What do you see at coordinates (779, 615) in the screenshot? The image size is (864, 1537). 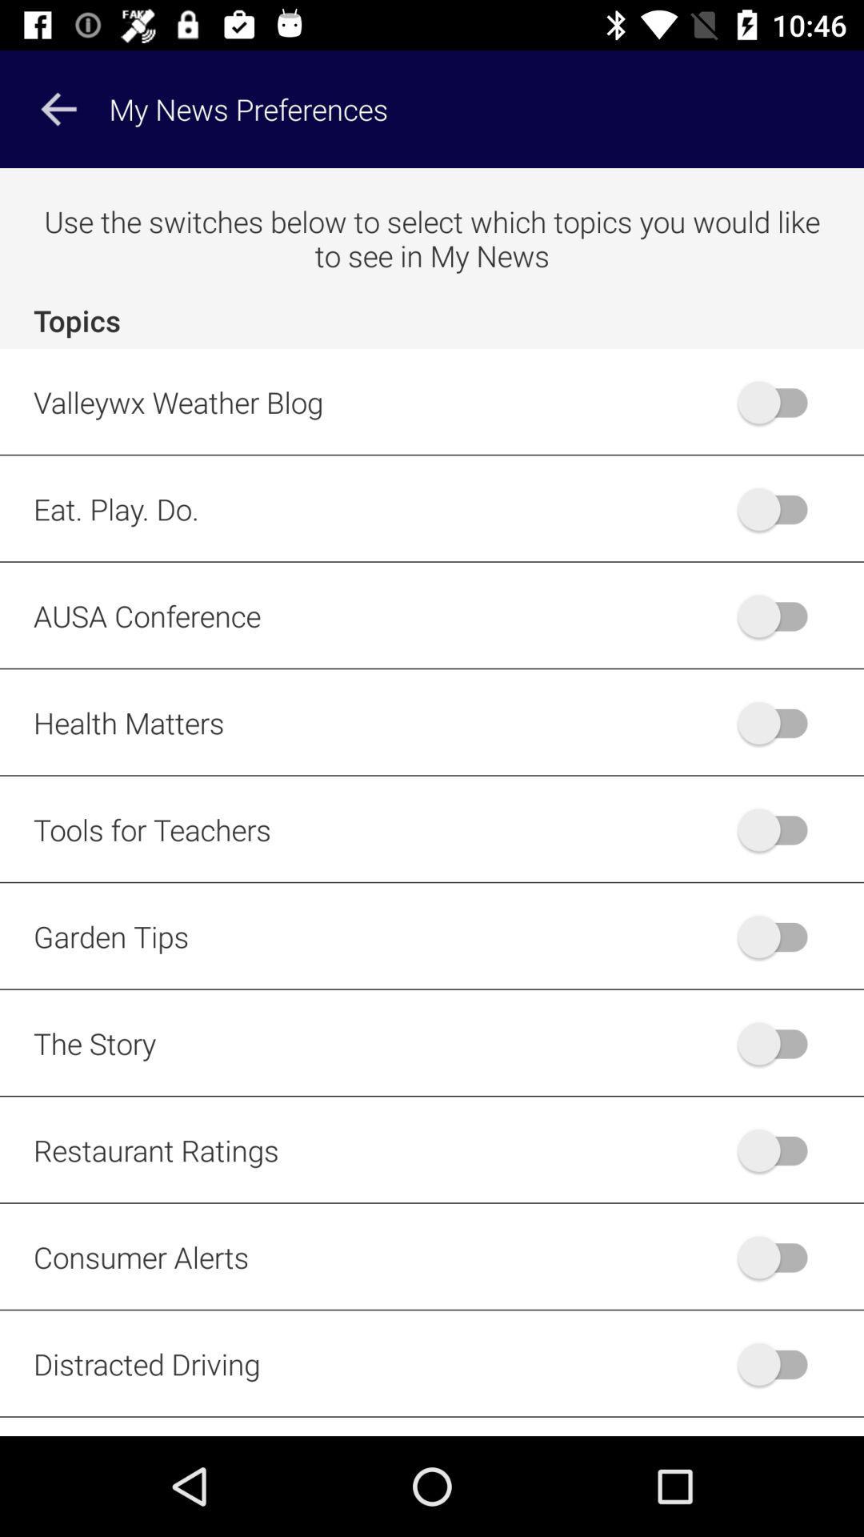 I see `ausa conference option` at bounding box center [779, 615].